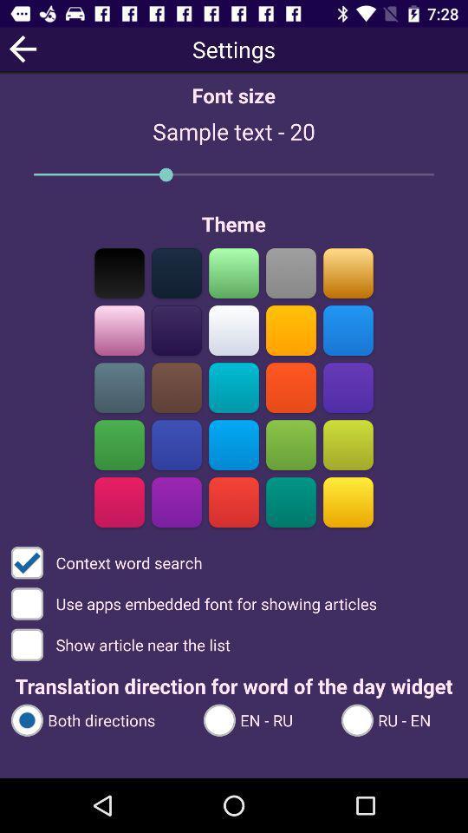 The height and width of the screenshot is (833, 468). Describe the element at coordinates (234, 272) in the screenshot. I see `change app theme` at that location.